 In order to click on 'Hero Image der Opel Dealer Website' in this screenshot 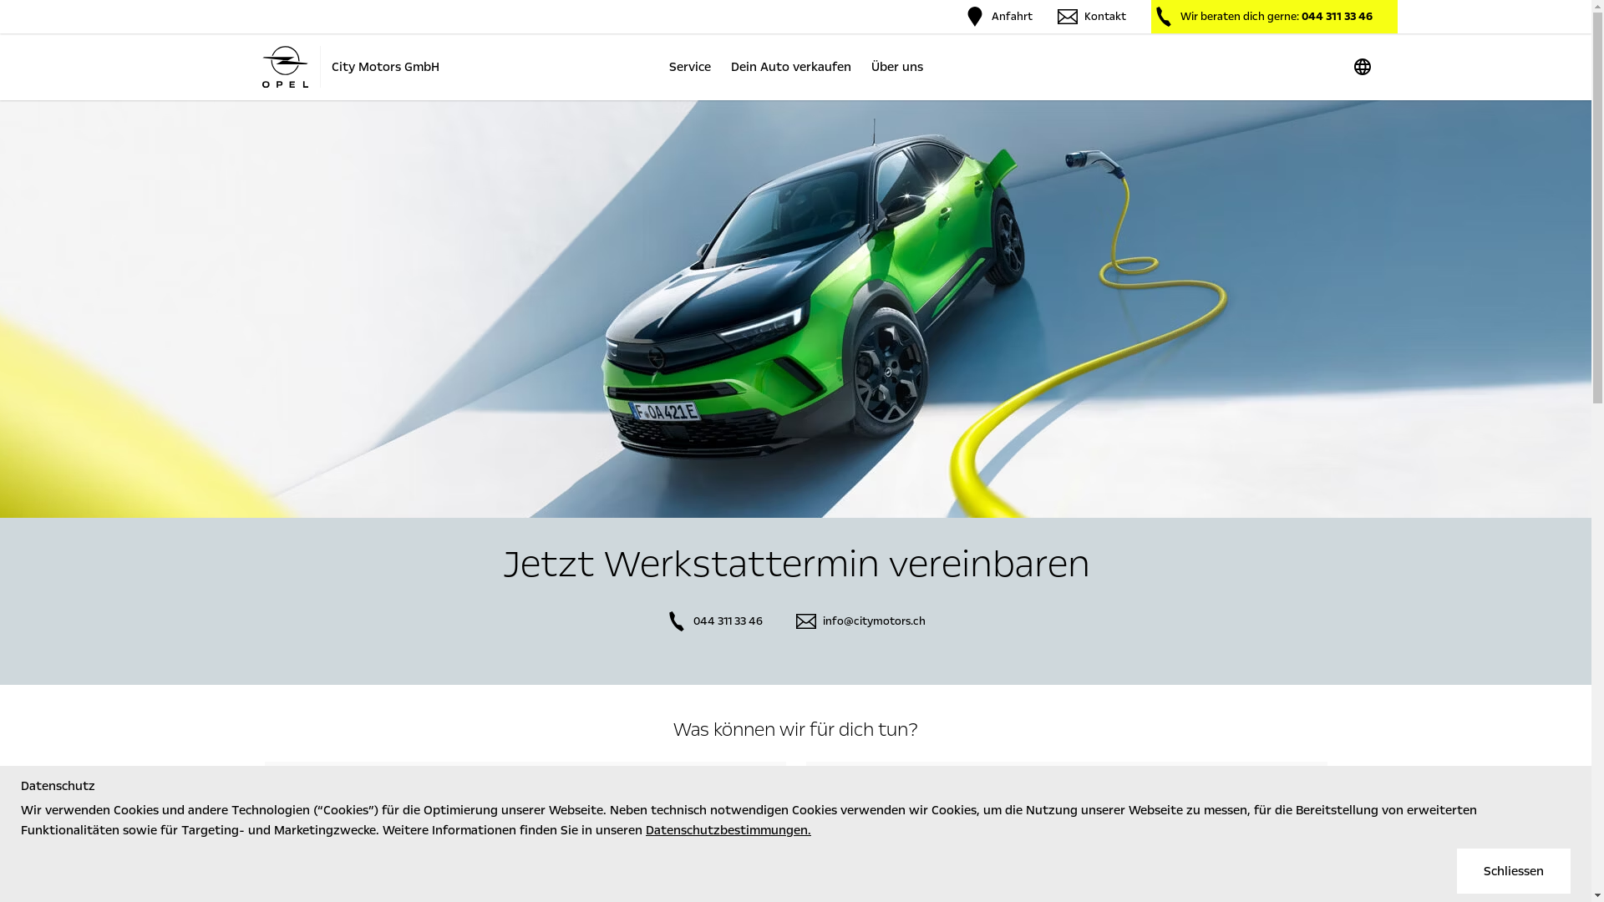, I will do `click(794, 309)`.